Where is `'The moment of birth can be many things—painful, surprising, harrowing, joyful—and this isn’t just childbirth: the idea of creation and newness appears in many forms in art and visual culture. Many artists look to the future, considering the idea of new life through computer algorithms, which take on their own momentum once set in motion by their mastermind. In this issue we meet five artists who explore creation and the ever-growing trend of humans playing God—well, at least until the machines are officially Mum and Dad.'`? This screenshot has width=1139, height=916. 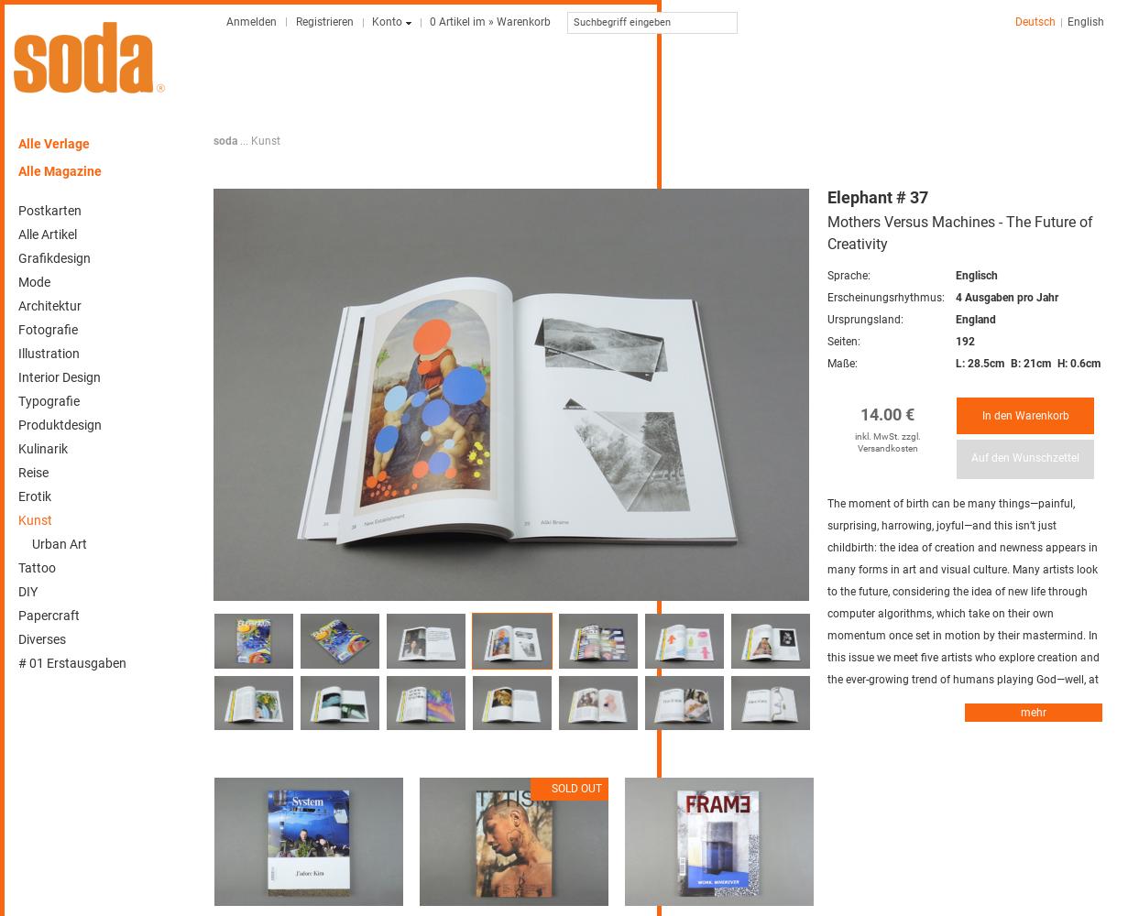
'The moment of birth can be many things—painful, surprising, harrowing, joyful—and this isn’t just childbirth: the idea of creation and newness appears in many forms in art and visual culture. Many artists look to the future, considering the idea of new life through computer algorithms, which take on their own momentum once set in motion by their mastermind. In this issue we meet five artists who explore creation and the ever-growing trend of humans playing God—well, at least until the machines are officially Mum and Dad.' is located at coordinates (827, 603).